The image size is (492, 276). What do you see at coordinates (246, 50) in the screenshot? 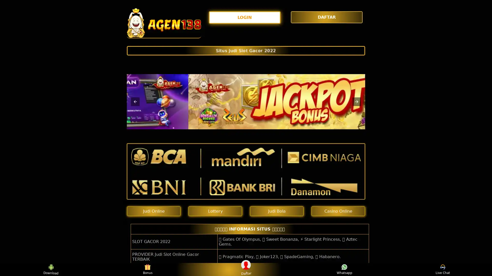
I see `Situs Judi Slot Gacor 2022` at bounding box center [246, 50].